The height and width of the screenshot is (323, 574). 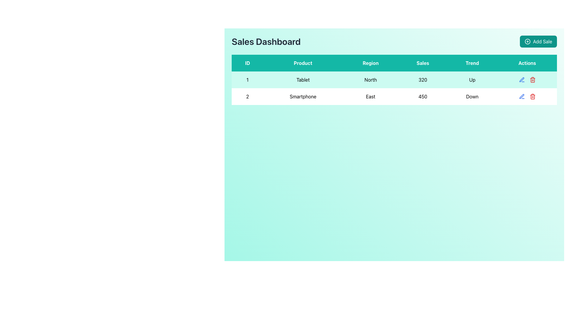 I want to click on the 'Smartphone' text component in the table located in the second row, second column under the 'Product' header, so click(x=303, y=96).